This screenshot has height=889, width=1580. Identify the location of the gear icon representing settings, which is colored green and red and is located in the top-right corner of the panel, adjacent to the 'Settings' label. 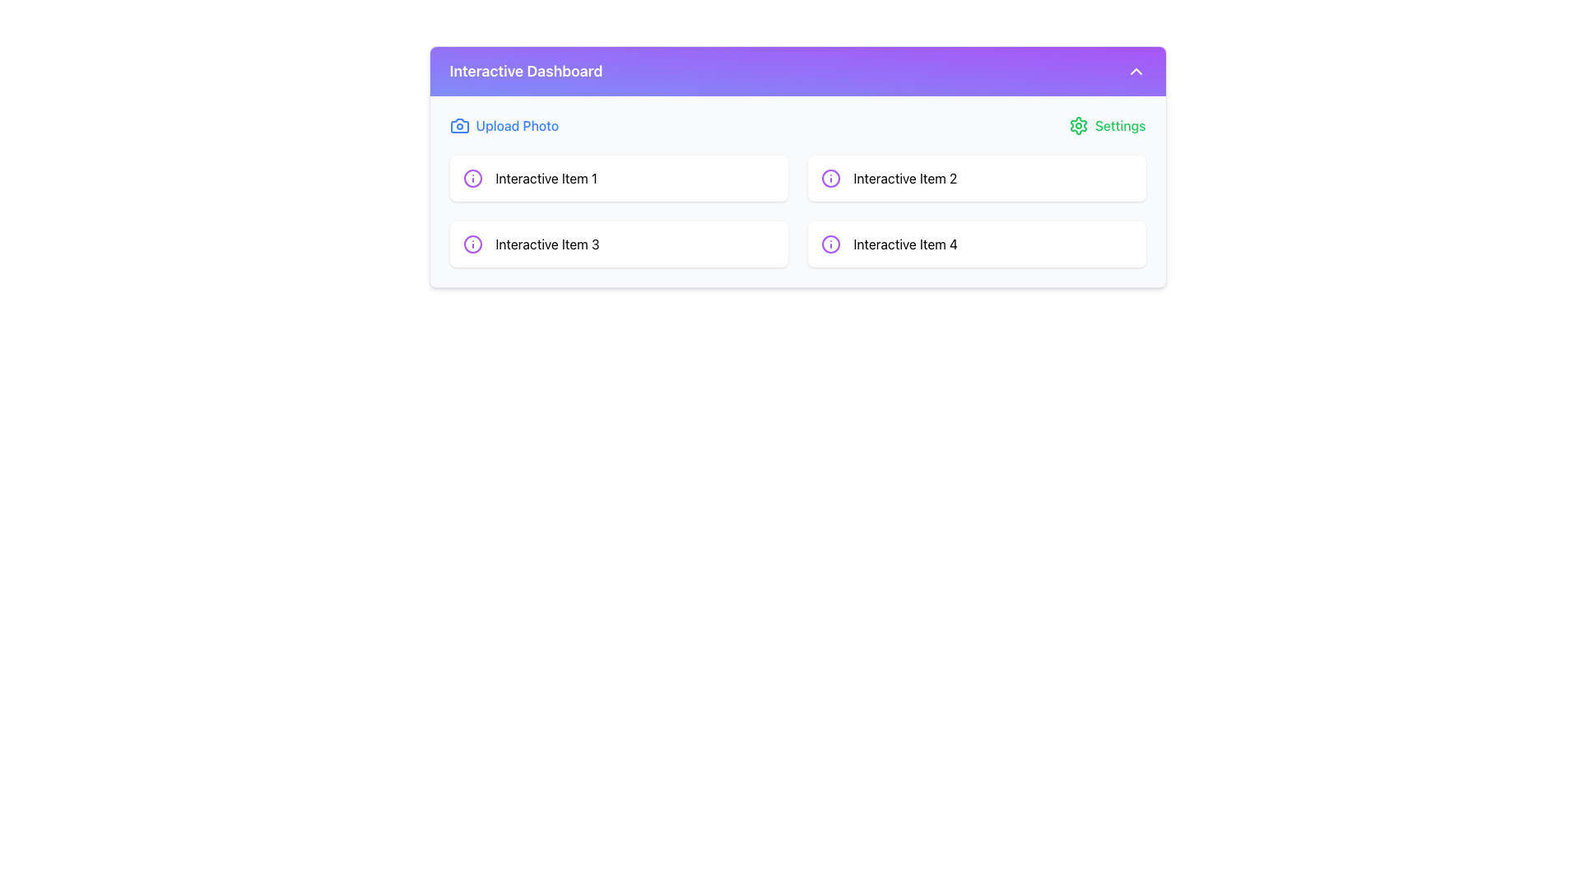
(1078, 125).